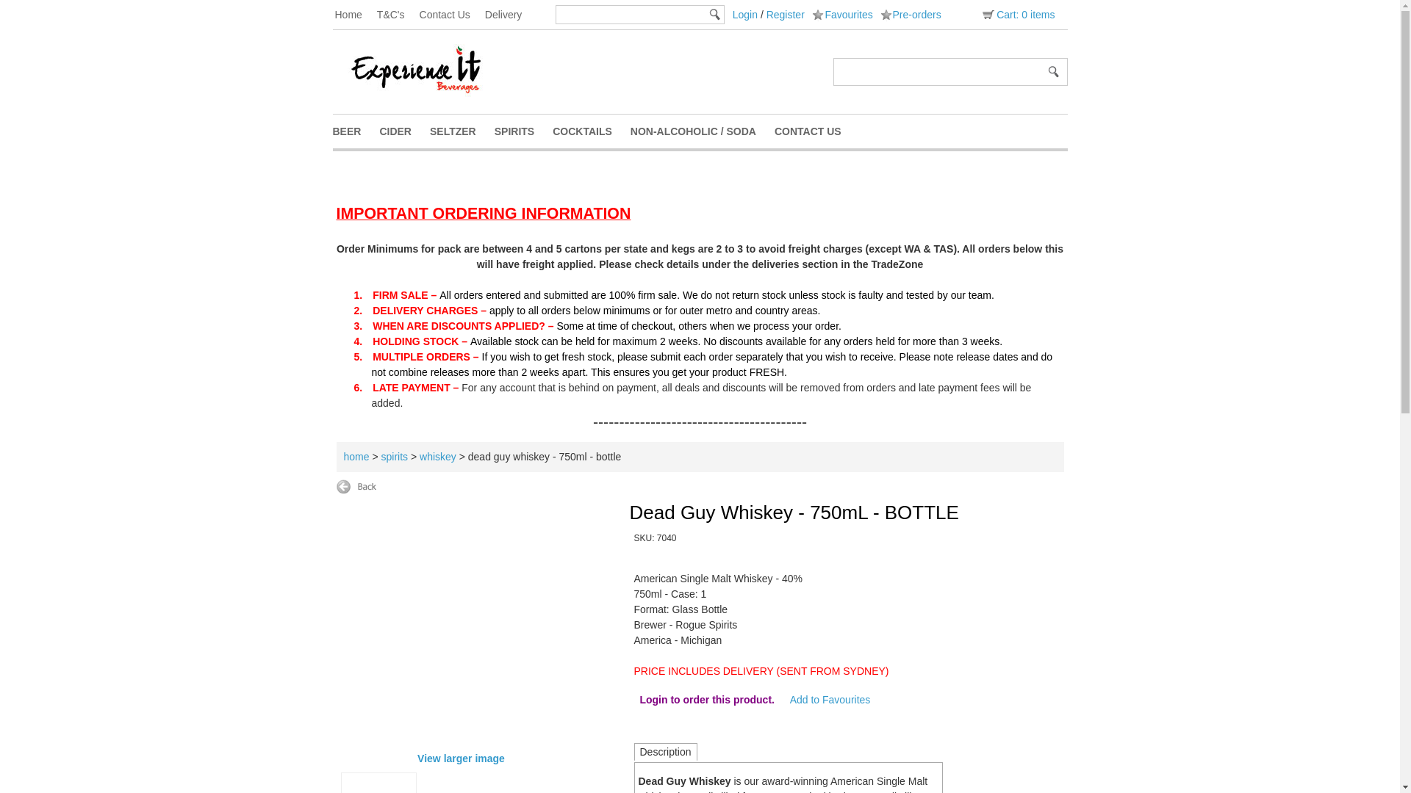 The image size is (1411, 793). Describe the element at coordinates (830, 698) in the screenshot. I see `'Add to Favourites'` at that location.